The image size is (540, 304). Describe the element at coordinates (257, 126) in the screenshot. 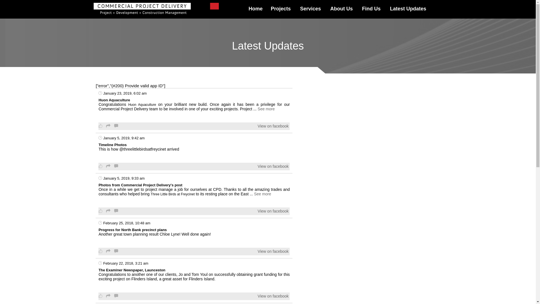

I see `'View on facebook'` at that location.